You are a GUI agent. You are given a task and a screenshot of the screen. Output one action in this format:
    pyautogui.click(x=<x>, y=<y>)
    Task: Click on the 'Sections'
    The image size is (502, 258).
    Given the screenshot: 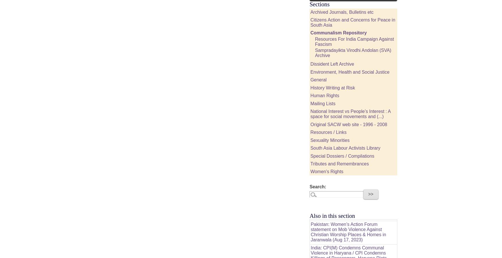 What is the action you would take?
    pyautogui.click(x=319, y=4)
    